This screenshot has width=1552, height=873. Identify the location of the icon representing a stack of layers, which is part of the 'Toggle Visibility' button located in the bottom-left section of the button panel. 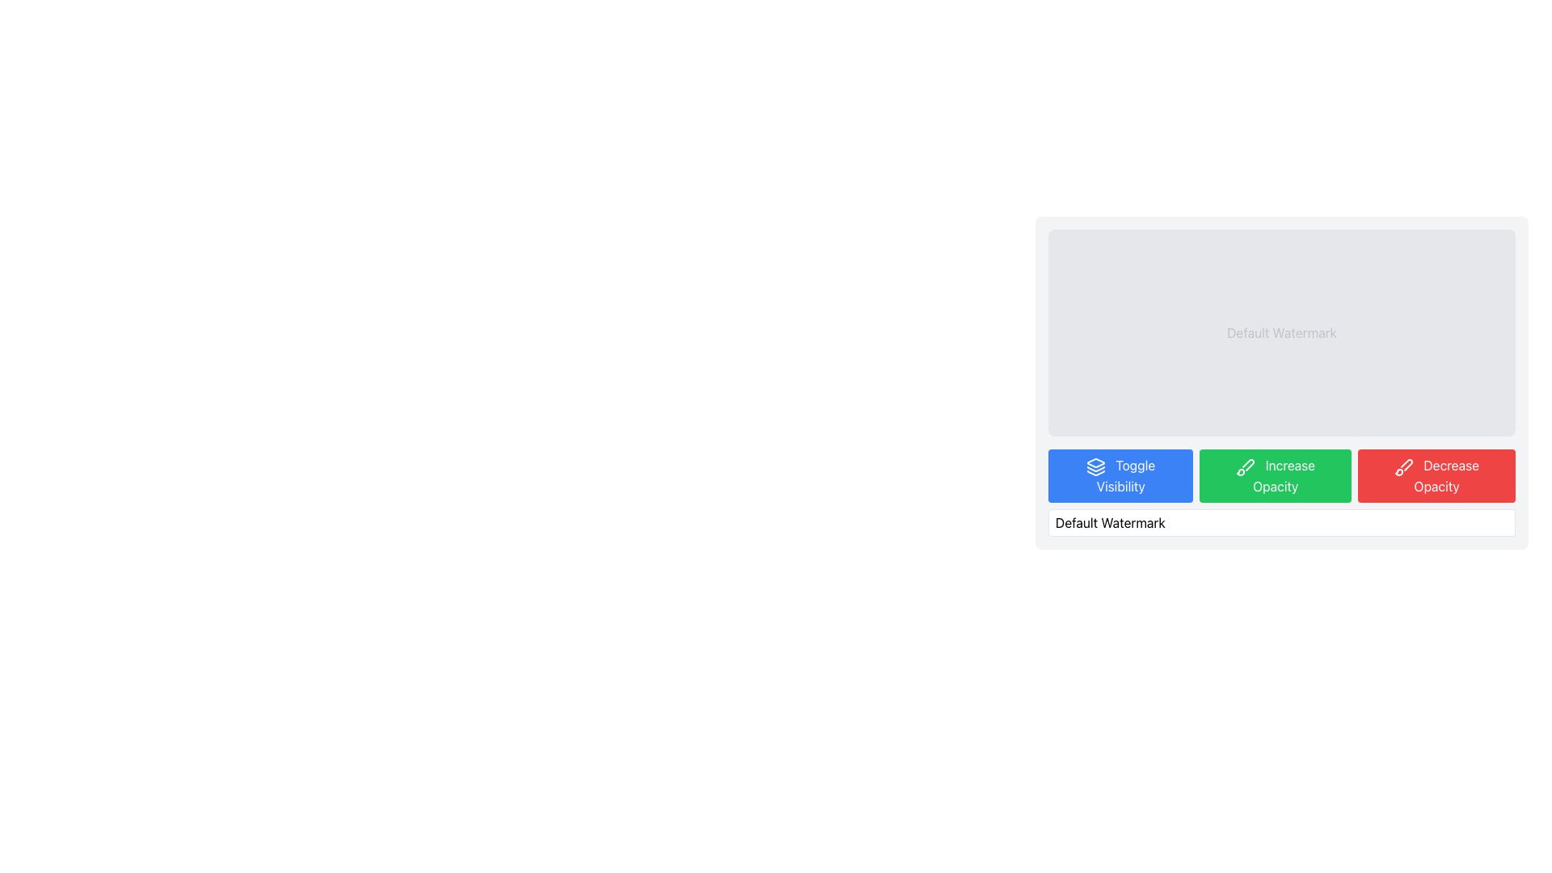
(1096, 466).